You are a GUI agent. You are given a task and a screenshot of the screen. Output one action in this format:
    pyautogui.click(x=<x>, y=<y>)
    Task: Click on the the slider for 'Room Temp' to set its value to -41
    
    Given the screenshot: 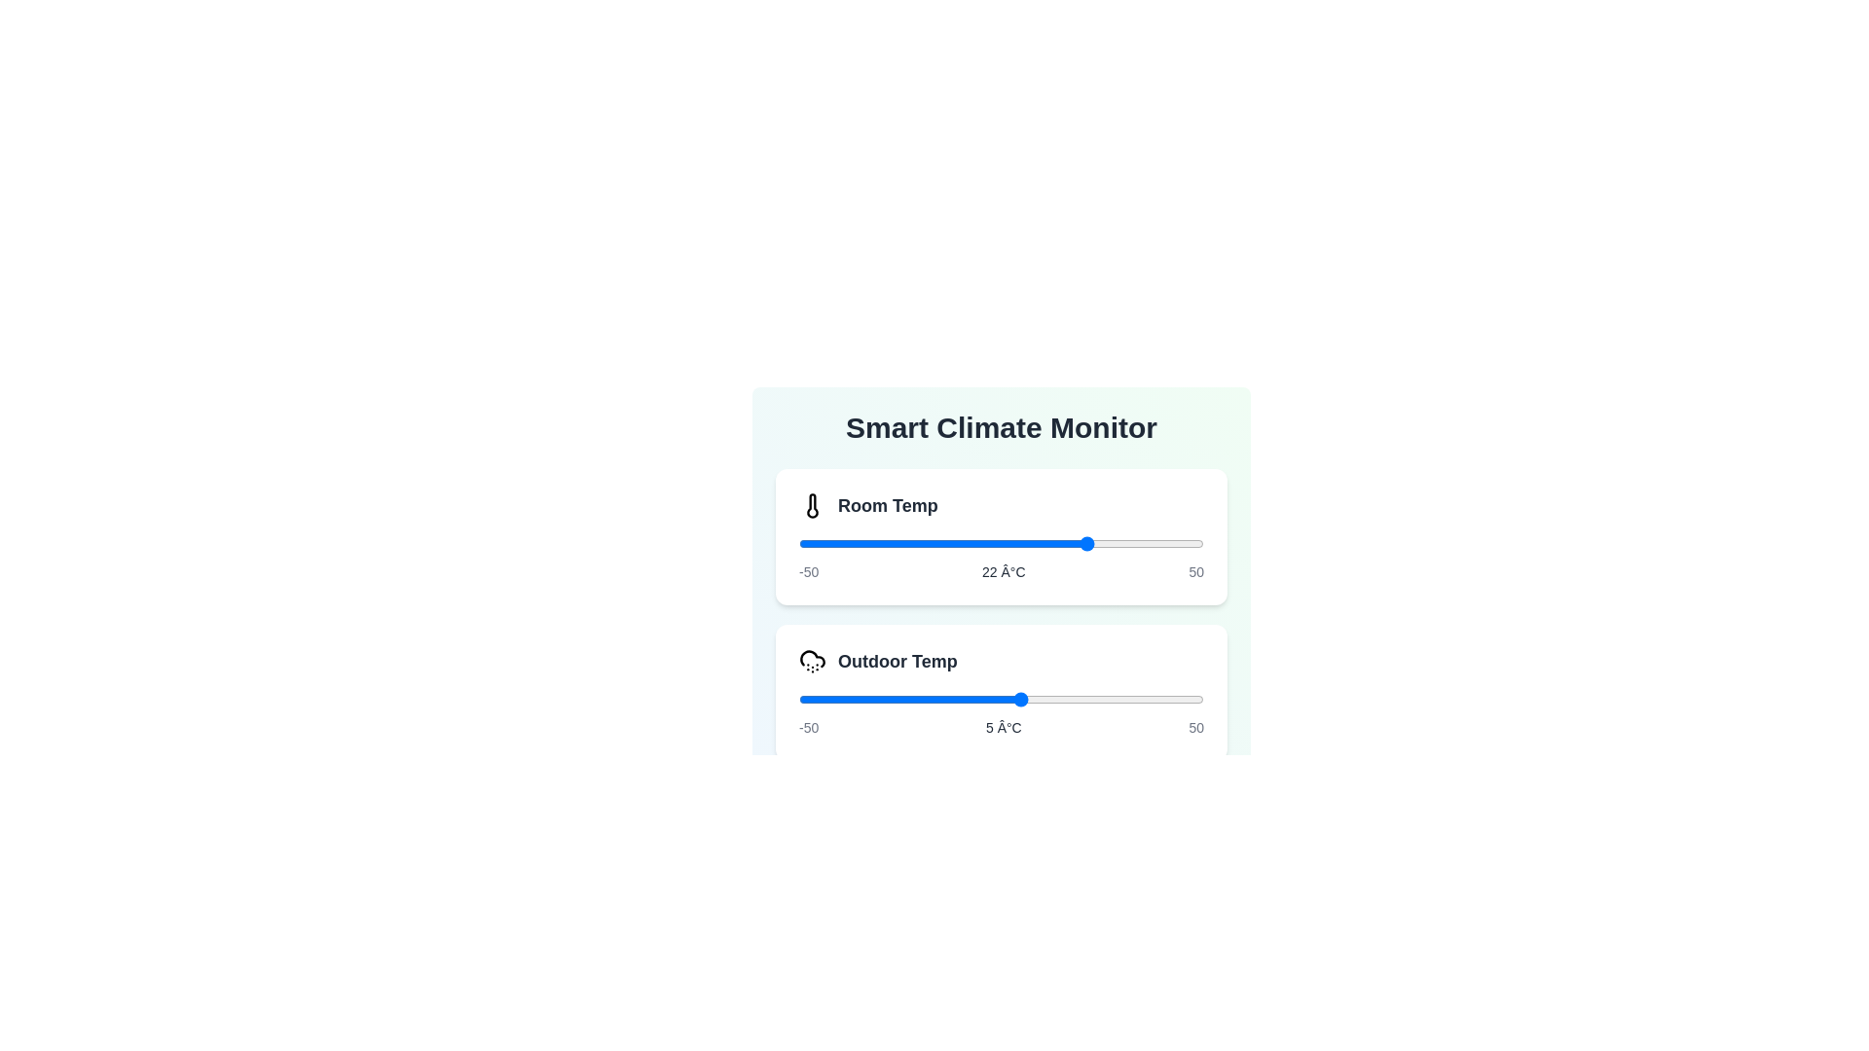 What is the action you would take?
    pyautogui.click(x=835, y=544)
    